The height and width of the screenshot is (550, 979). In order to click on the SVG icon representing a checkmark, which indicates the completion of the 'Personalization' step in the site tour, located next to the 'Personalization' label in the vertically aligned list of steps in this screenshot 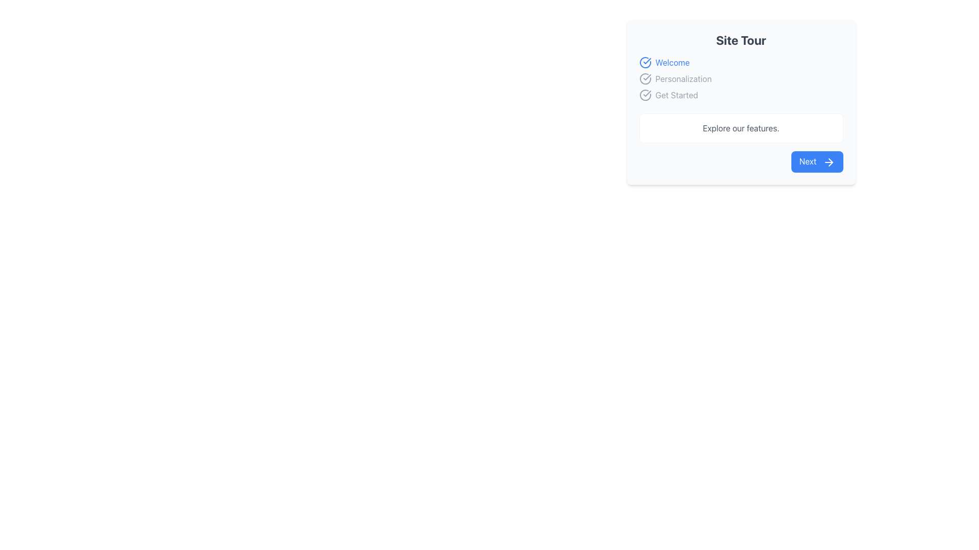, I will do `click(646, 76)`.